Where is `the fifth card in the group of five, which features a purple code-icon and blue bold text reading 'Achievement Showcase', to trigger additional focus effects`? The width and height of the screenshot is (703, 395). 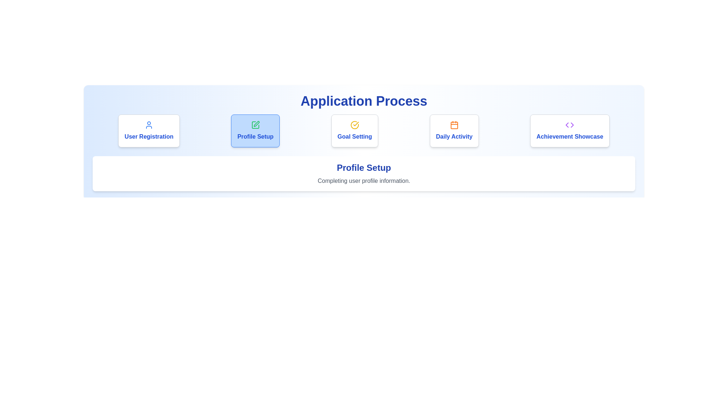 the fifth card in the group of five, which features a purple code-icon and blue bold text reading 'Achievement Showcase', to trigger additional focus effects is located at coordinates (569, 131).